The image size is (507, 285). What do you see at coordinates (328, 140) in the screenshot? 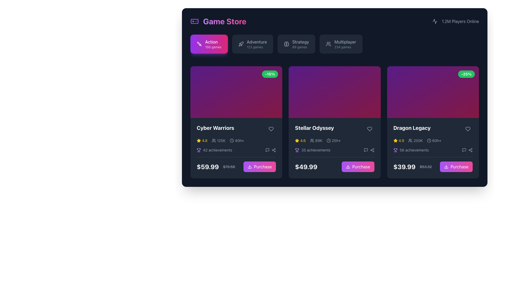
I see `the circle component of the clock icon located at the top right section of the interface` at bounding box center [328, 140].